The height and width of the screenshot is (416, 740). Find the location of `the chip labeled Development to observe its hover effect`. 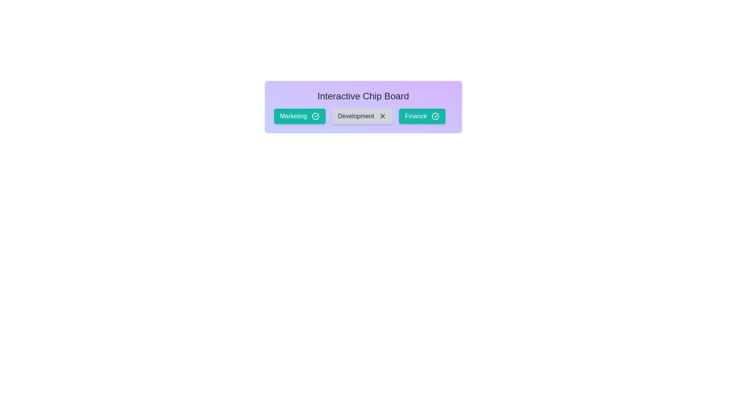

the chip labeled Development to observe its hover effect is located at coordinates (362, 116).